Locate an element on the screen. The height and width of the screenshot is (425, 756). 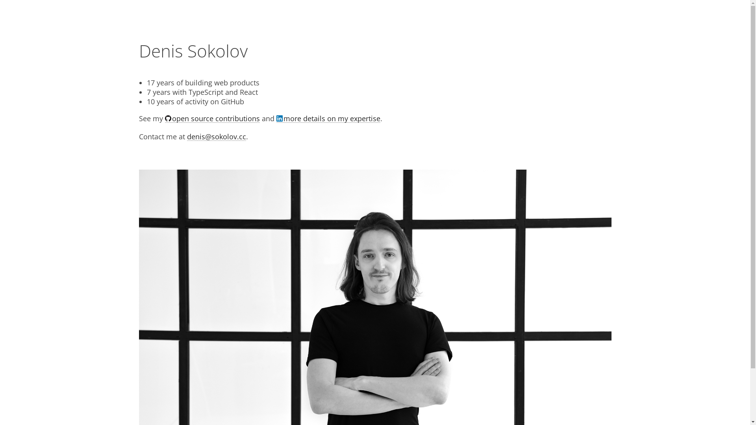
'denis@sokolov.cc' is located at coordinates (216, 138).